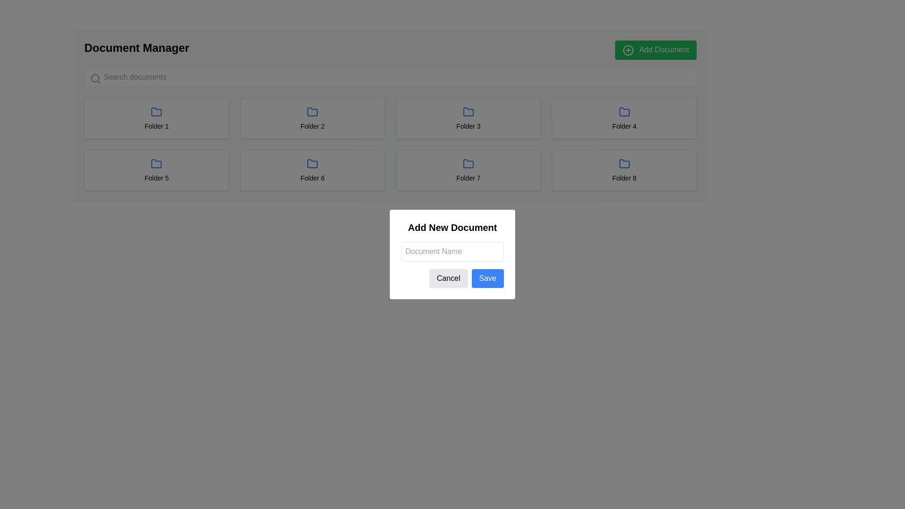  I want to click on the 'Cancel' or 'Save' button in the button group at the bottom of the dialog window, so click(452, 278).